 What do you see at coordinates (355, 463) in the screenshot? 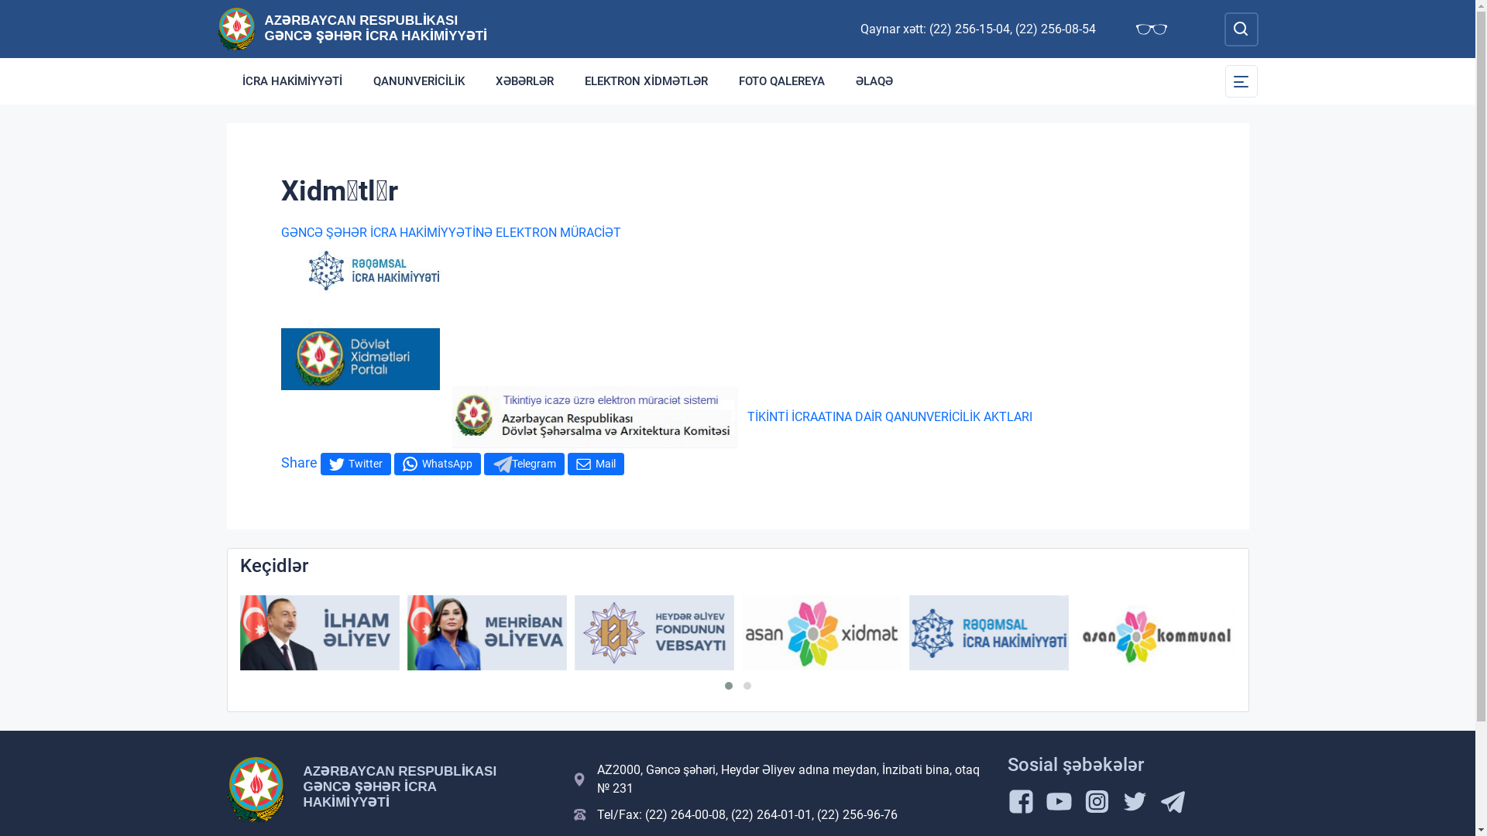
I see `'Twitter'` at bounding box center [355, 463].